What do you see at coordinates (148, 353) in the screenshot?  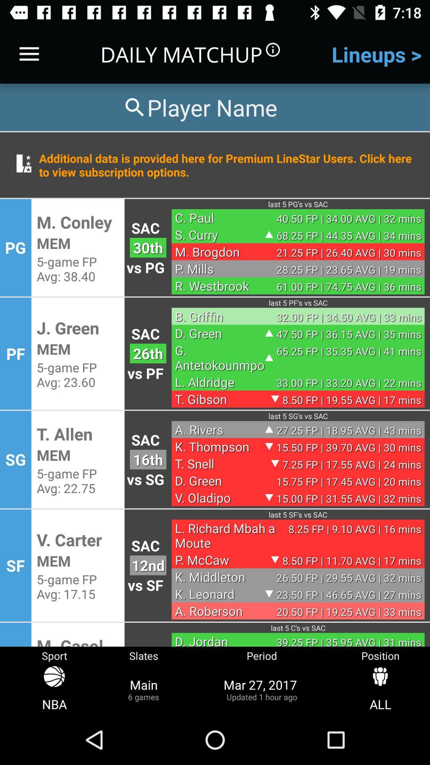 I see `the item above vs pf` at bounding box center [148, 353].